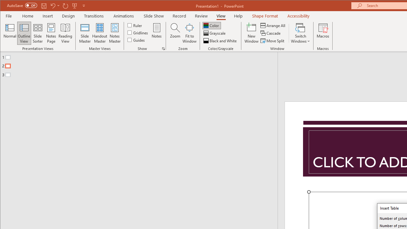 The height and width of the screenshot is (229, 407). Describe the element at coordinates (323, 33) in the screenshot. I see `'Macros'` at that location.